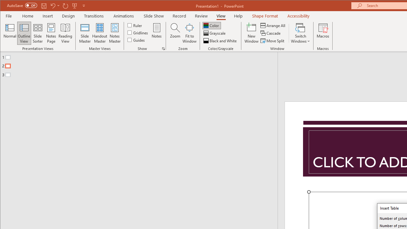 The height and width of the screenshot is (229, 407). Describe the element at coordinates (323, 33) in the screenshot. I see `'Macros'` at that location.